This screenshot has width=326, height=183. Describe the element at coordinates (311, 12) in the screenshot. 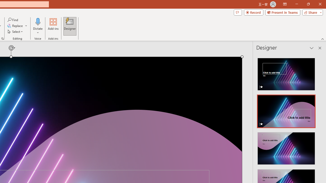

I see `'Share'` at that location.